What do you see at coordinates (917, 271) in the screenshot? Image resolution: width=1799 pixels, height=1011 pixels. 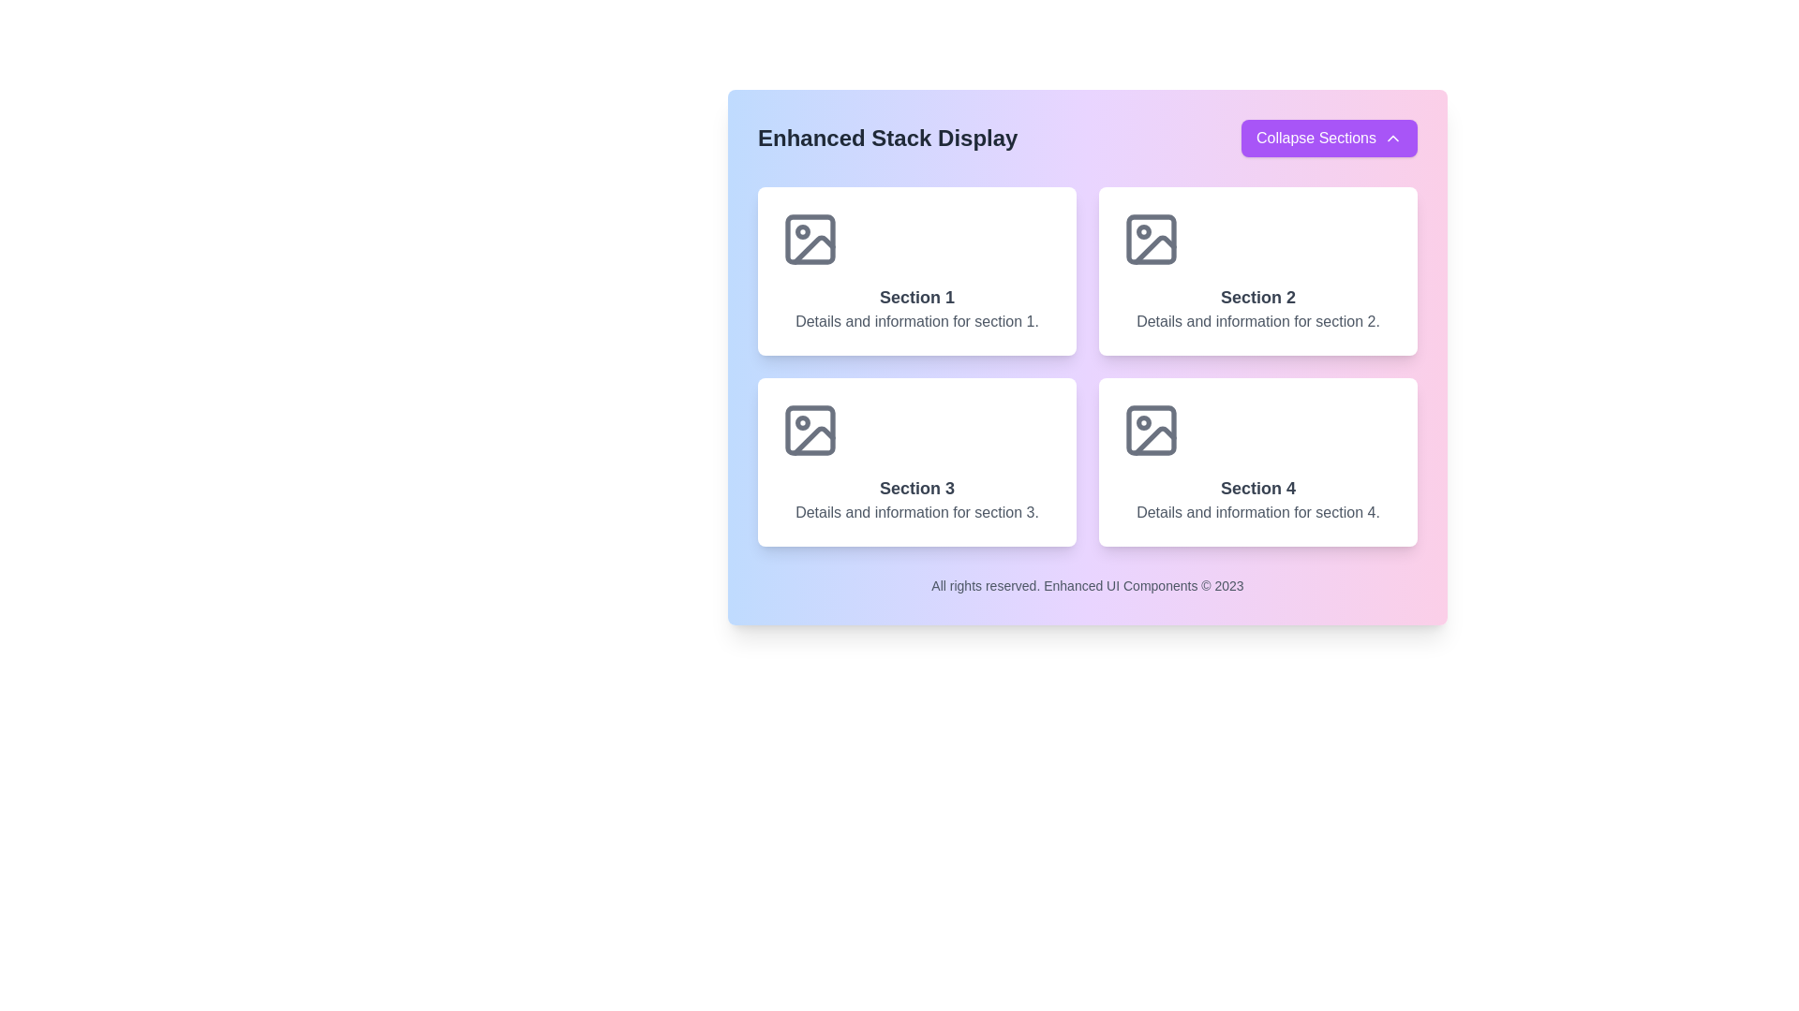 I see `the informational card/tile that provides information about 'Section 1' located at the top-left of a 2x2 grid` at bounding box center [917, 271].